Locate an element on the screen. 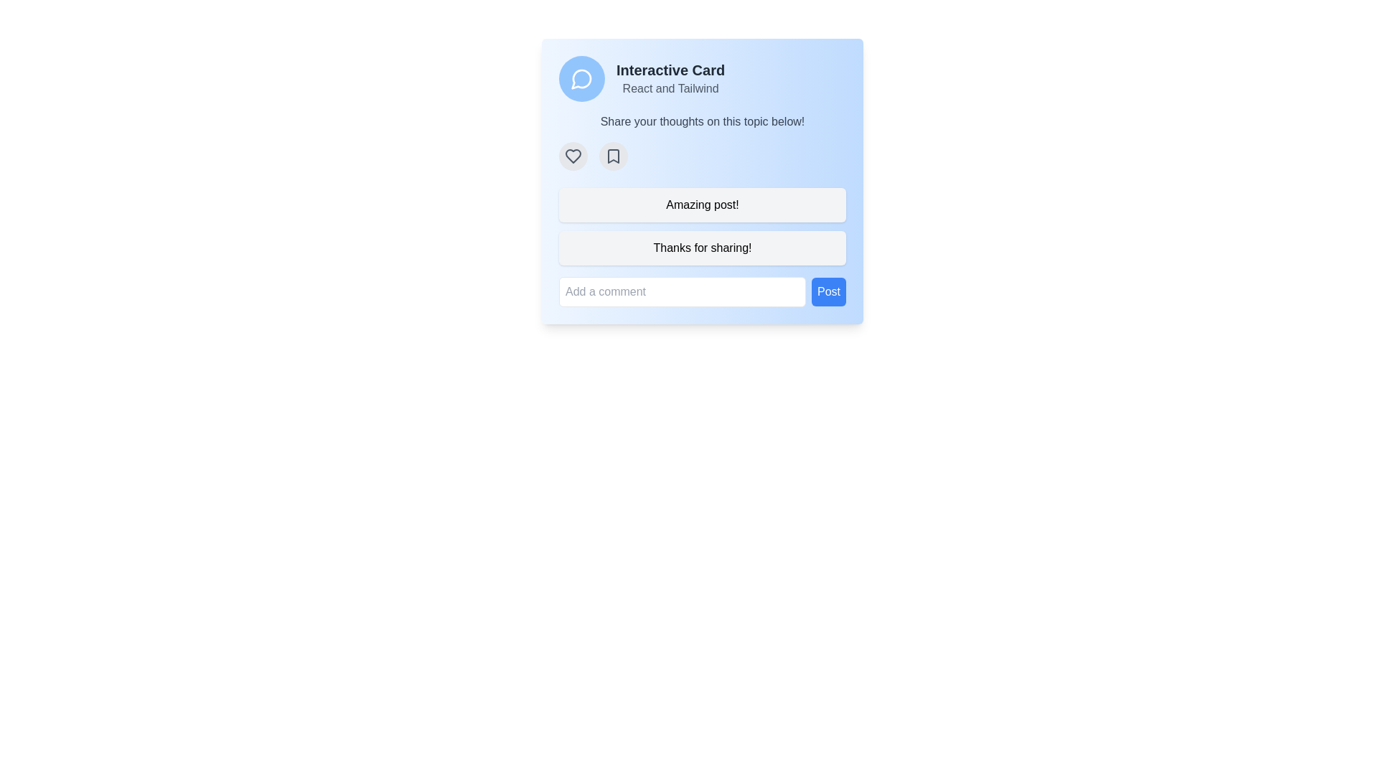  the rounded gray button with a darker gray bookmark icon at its center to bookmark is located at coordinates (613, 156).